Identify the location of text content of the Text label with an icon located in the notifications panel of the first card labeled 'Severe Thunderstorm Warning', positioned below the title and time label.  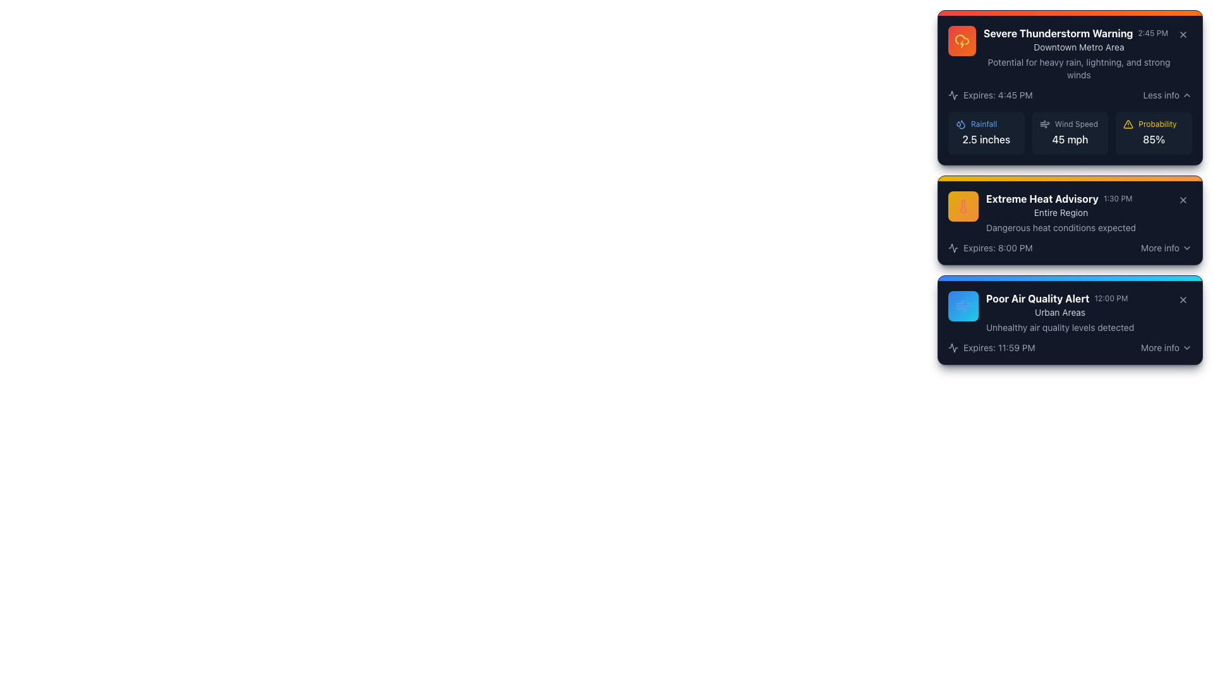
(989, 94).